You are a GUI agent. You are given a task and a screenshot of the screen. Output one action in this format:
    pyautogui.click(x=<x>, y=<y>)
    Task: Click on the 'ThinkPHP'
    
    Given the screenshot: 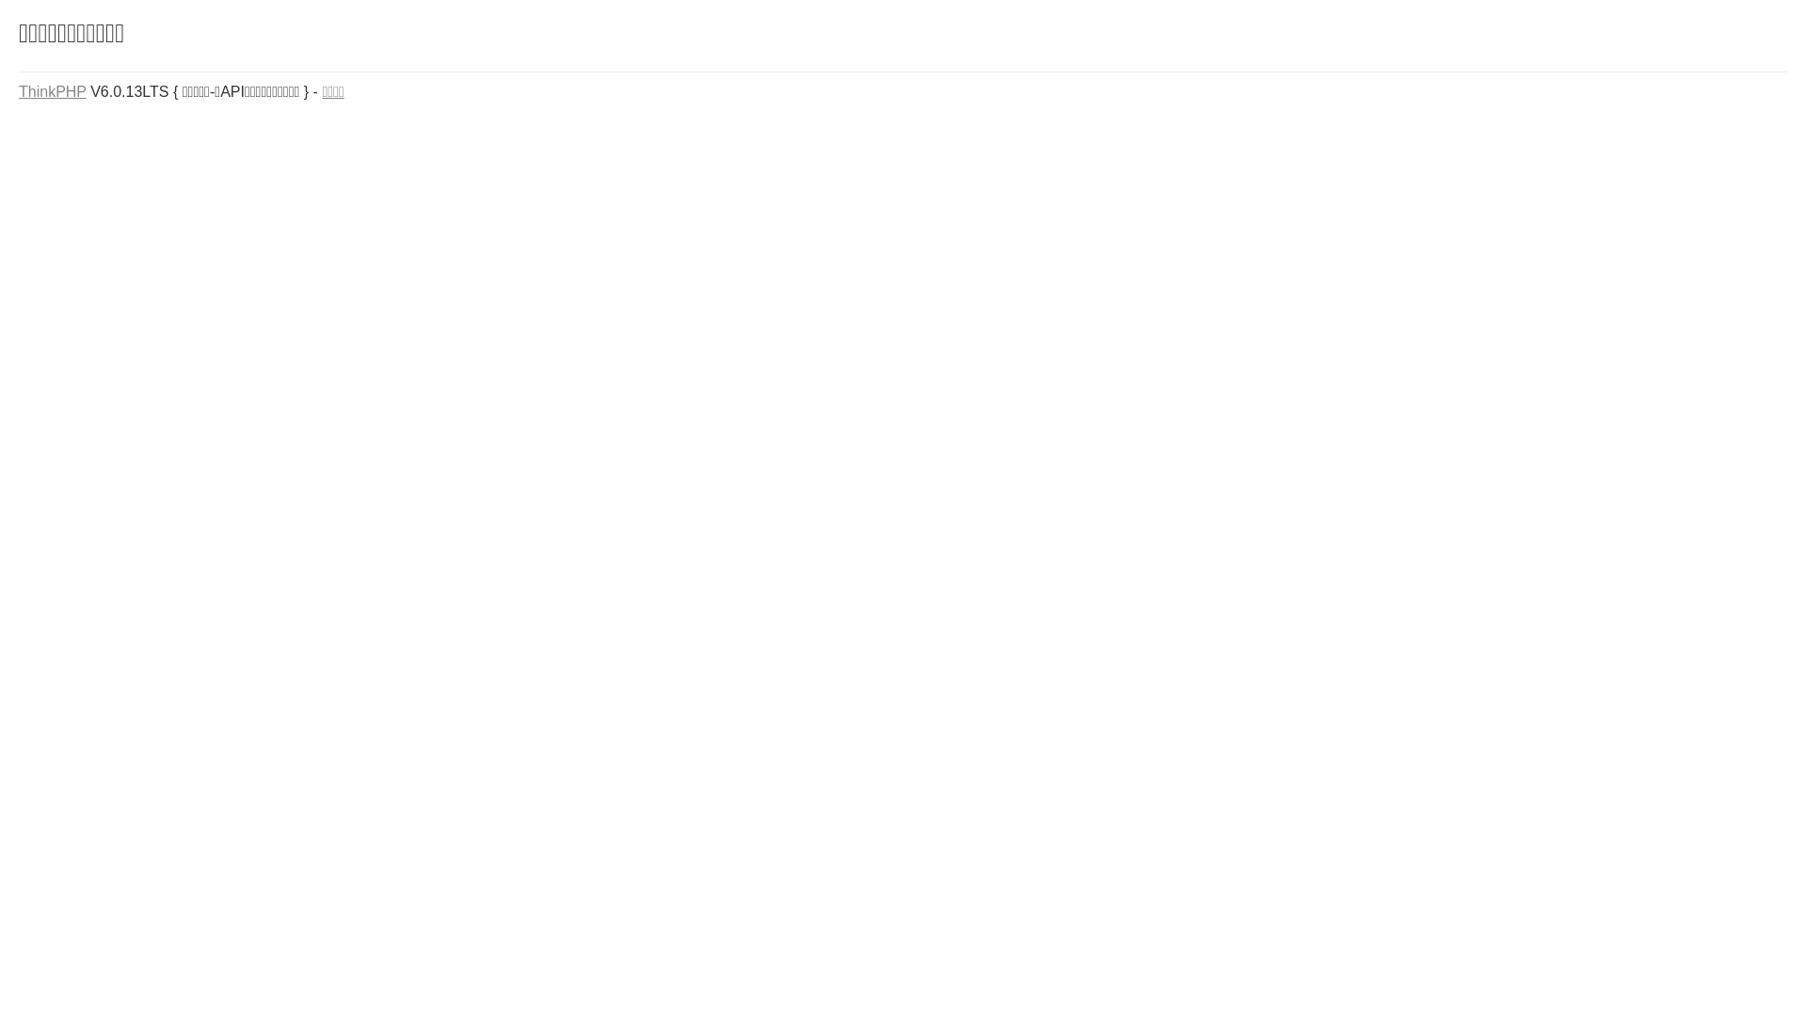 What is the action you would take?
    pyautogui.click(x=53, y=91)
    